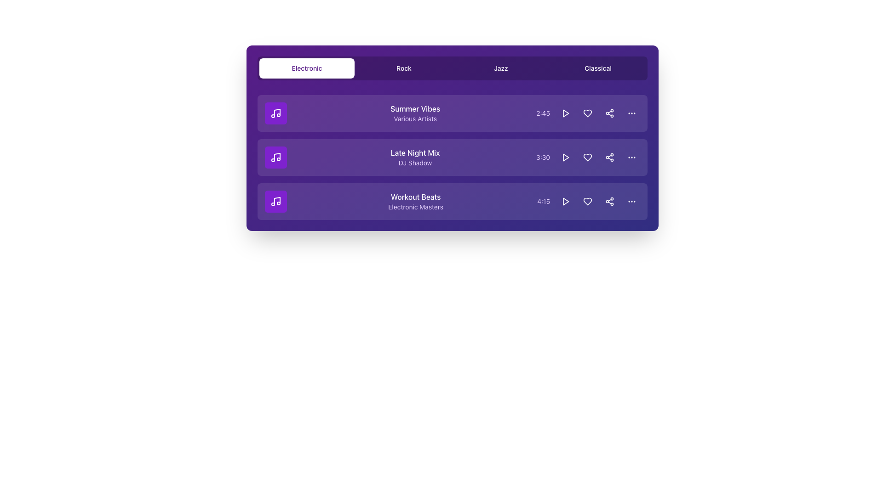 Image resolution: width=883 pixels, height=496 pixels. What do you see at coordinates (544, 201) in the screenshot?
I see `the text label indicating the duration of the track labeled 'Workout Beats', which is positioned towards the right side of its row in the music track list` at bounding box center [544, 201].